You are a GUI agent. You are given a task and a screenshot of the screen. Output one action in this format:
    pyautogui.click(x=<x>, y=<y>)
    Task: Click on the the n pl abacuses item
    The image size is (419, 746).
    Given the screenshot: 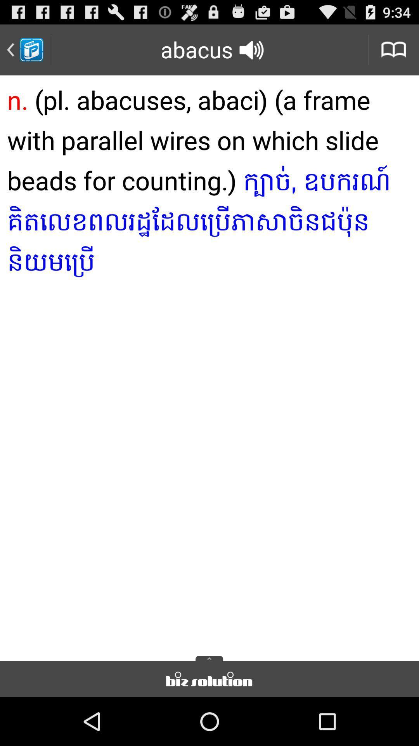 What is the action you would take?
    pyautogui.click(x=209, y=365)
    